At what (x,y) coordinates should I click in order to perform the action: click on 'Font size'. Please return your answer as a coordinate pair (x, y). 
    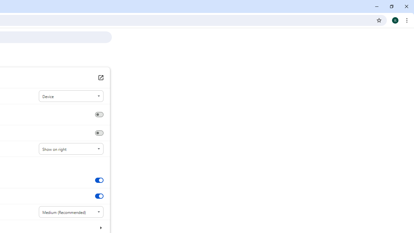
    Looking at the image, I should click on (71, 212).